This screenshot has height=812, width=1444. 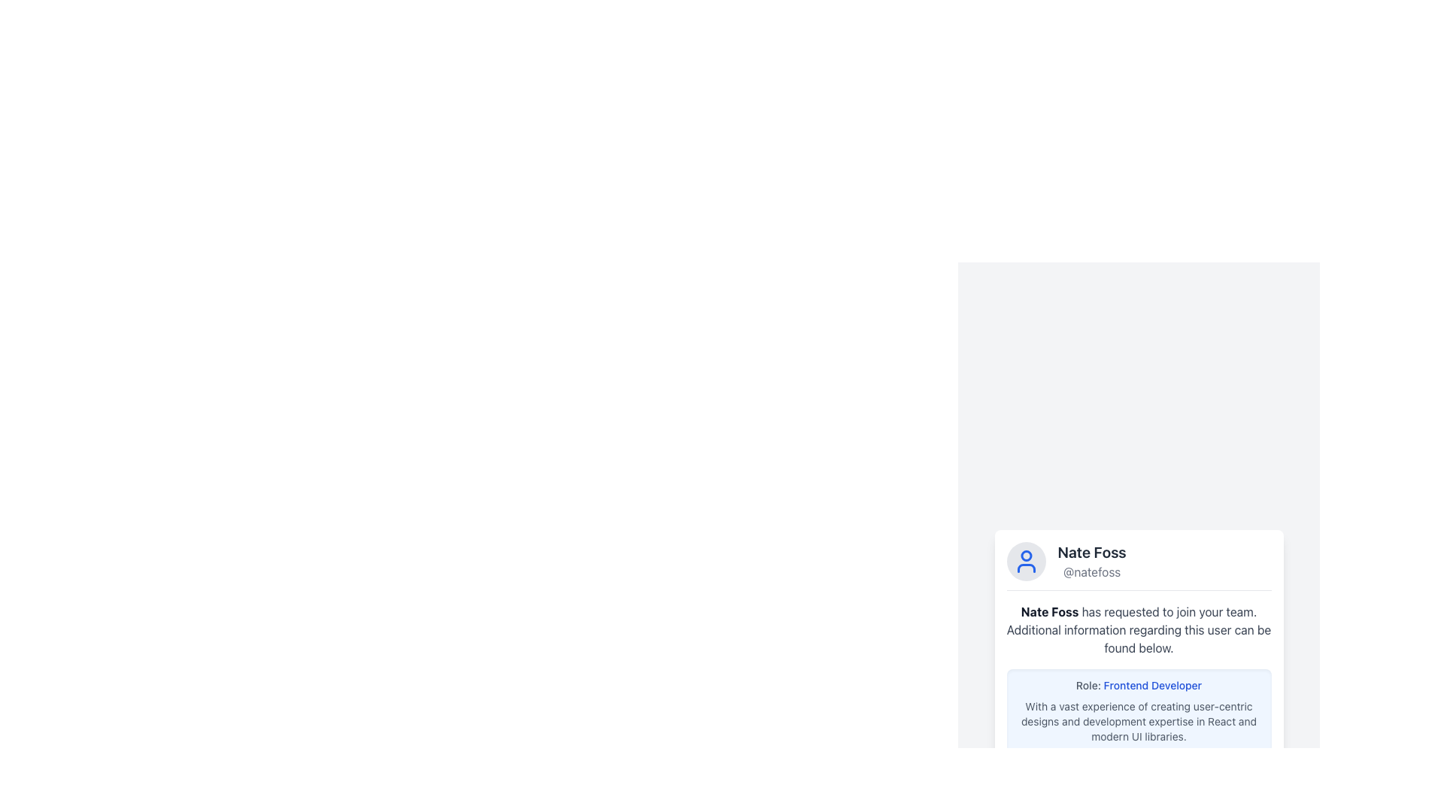 What do you see at coordinates (1139, 710) in the screenshot?
I see `the link 'Frontend Developer' in the informational text block that describes the role of a Frontend Developer` at bounding box center [1139, 710].